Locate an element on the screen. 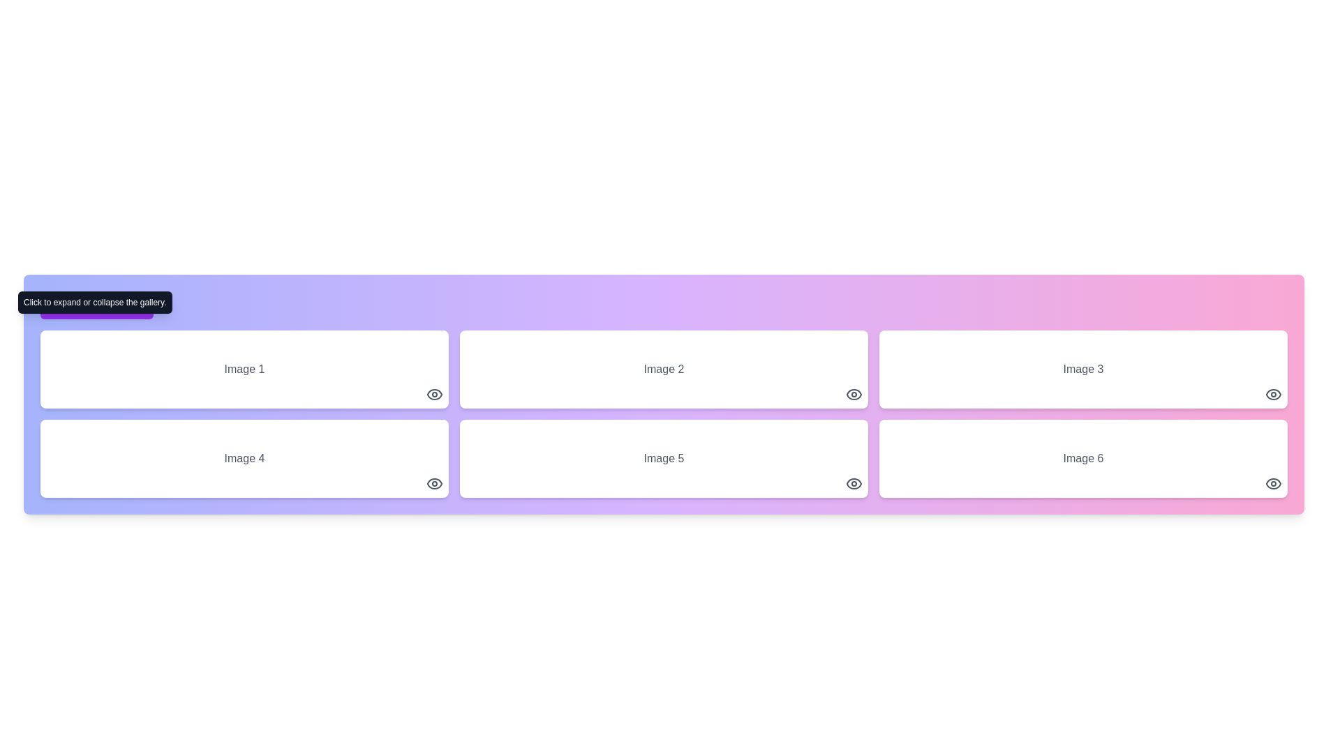 The width and height of the screenshot is (1340, 753). the icon located to the left of the Toggle Gallery button's text, which serves as a visual aid or supplementary indicator for the button's purpose is located at coordinates (57, 305).